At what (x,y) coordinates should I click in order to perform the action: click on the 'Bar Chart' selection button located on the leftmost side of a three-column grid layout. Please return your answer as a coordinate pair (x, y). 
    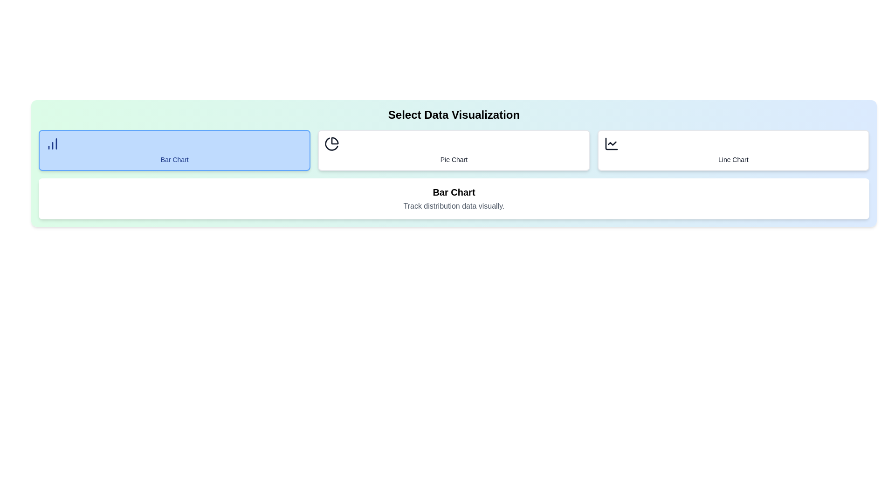
    Looking at the image, I should click on (174, 150).